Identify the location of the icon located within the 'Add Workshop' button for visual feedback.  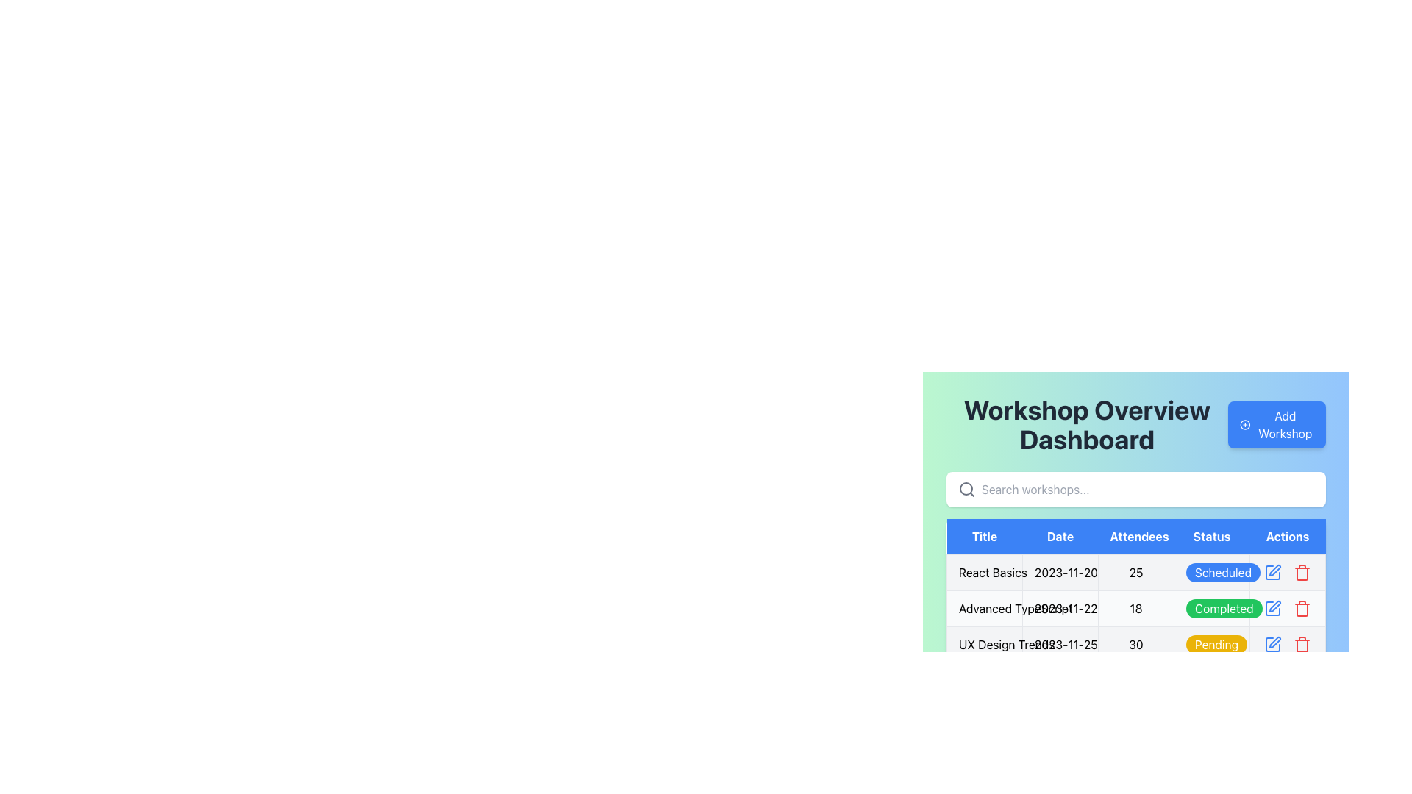
(1244, 425).